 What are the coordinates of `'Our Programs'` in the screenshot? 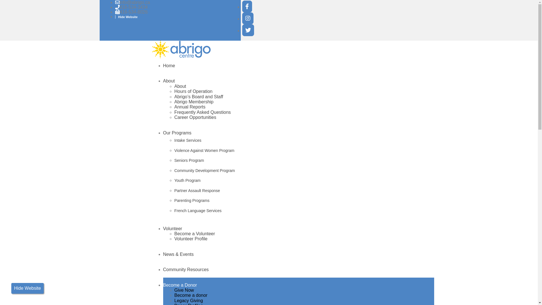 It's located at (177, 133).